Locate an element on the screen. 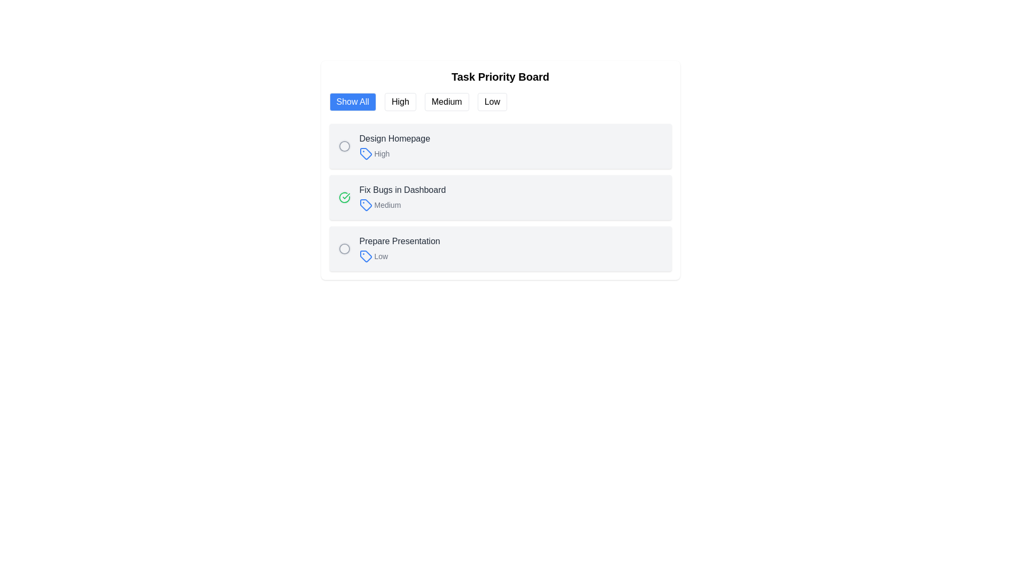 This screenshot has height=577, width=1026. the second task item in the task management board is located at coordinates (500, 198).